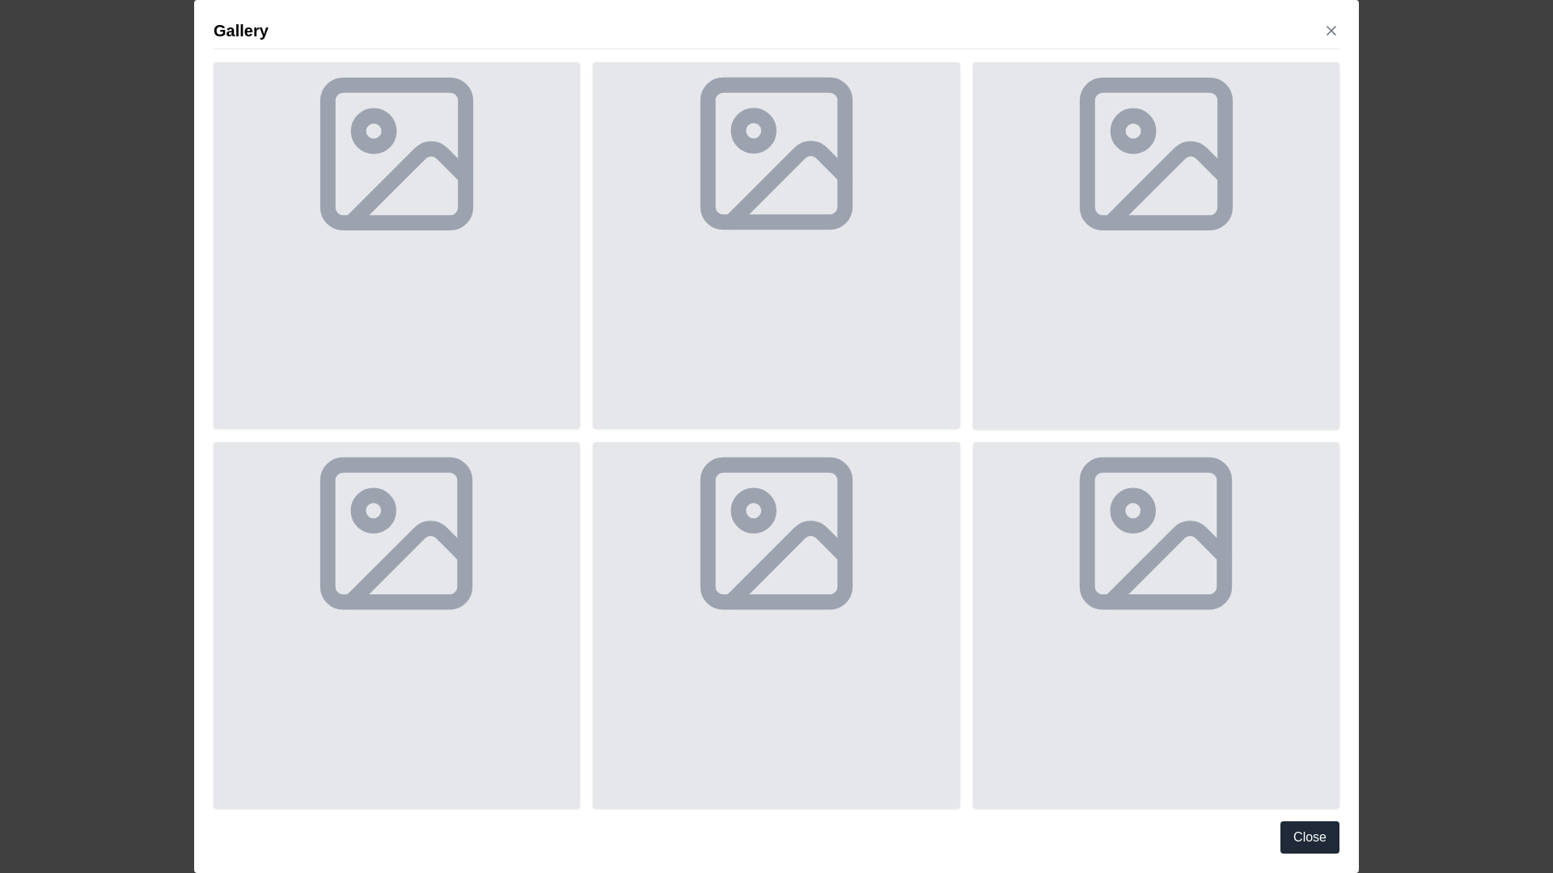 This screenshot has height=873, width=1553. Describe the element at coordinates (396, 533) in the screenshot. I see `the graphical rectangular shape with rounded corners, styled in light gray, located within the image placeholder icon` at that location.